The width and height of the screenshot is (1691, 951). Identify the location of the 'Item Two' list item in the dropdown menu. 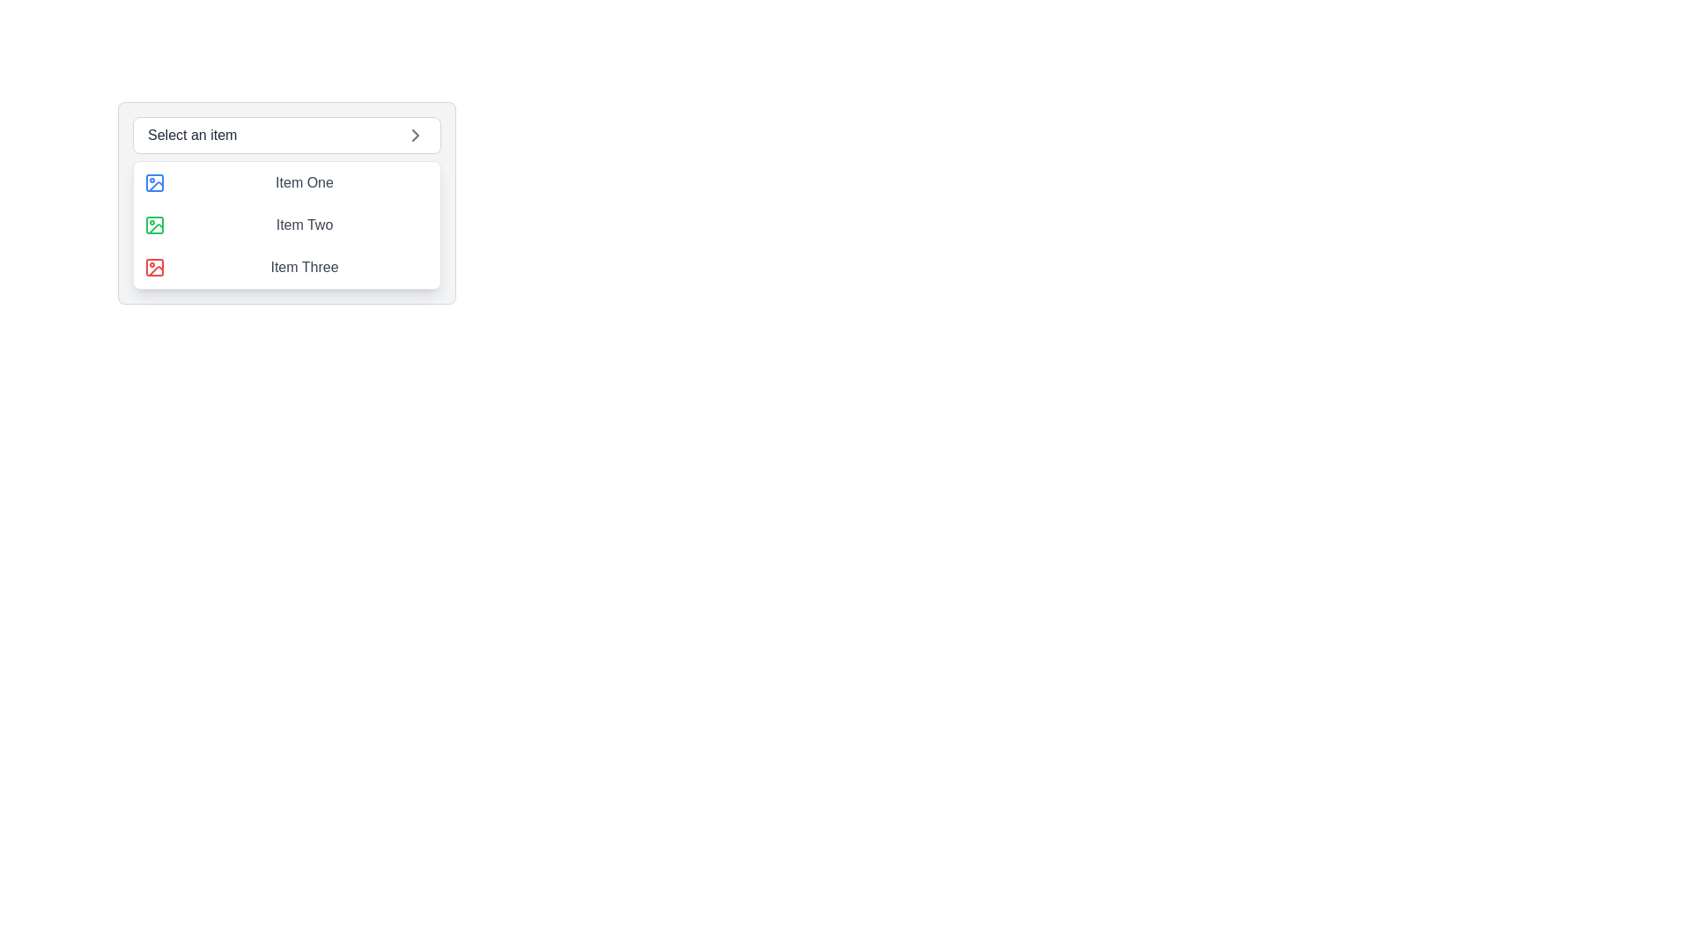
(287, 224).